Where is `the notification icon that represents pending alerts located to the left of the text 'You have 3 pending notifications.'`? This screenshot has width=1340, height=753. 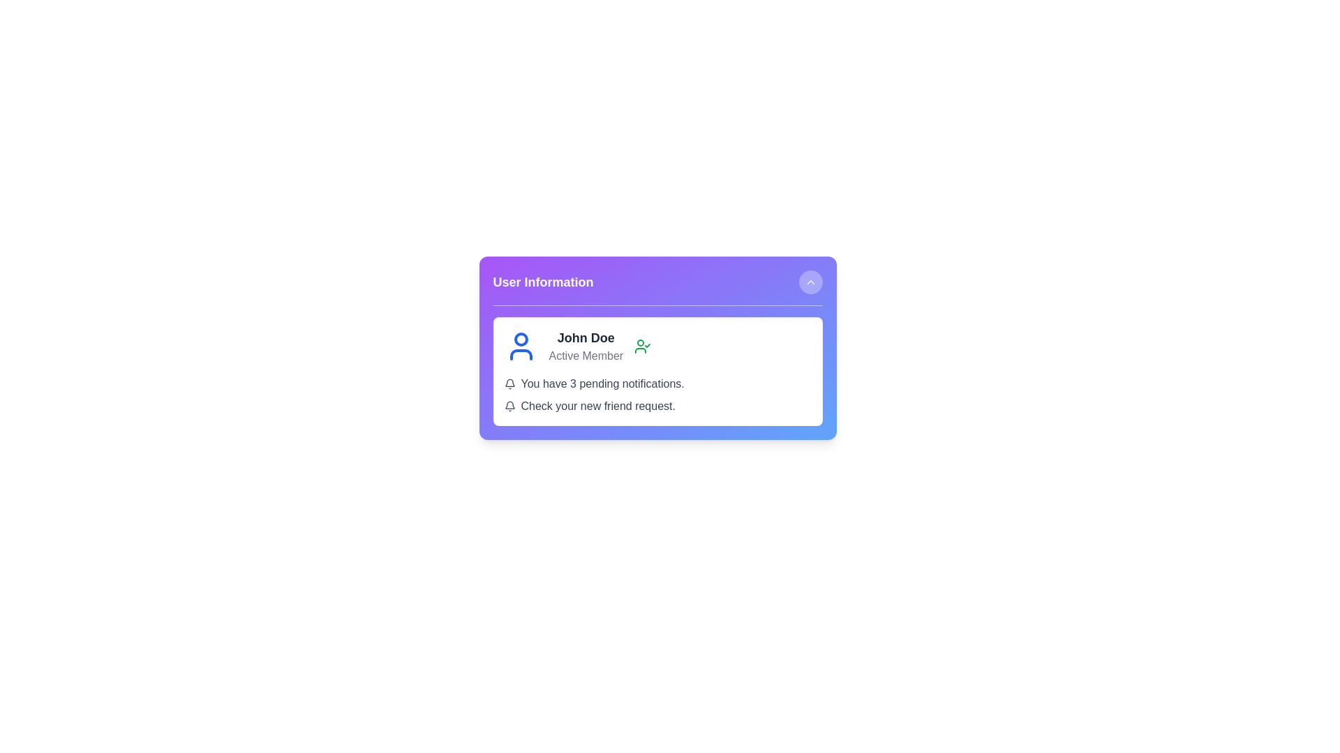 the notification icon that represents pending alerts located to the left of the text 'You have 3 pending notifications.' is located at coordinates (509, 384).